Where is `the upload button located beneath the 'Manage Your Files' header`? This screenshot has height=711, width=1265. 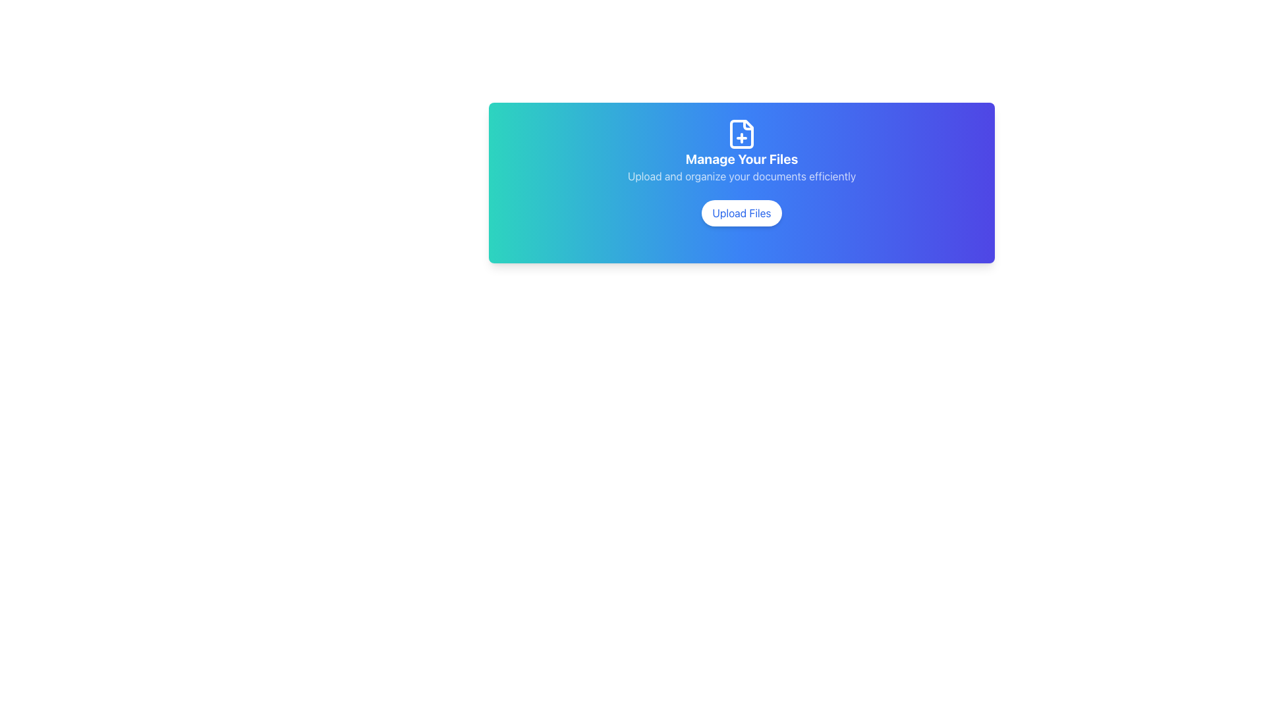
the upload button located beneath the 'Manage Your Files' header is located at coordinates (742, 213).